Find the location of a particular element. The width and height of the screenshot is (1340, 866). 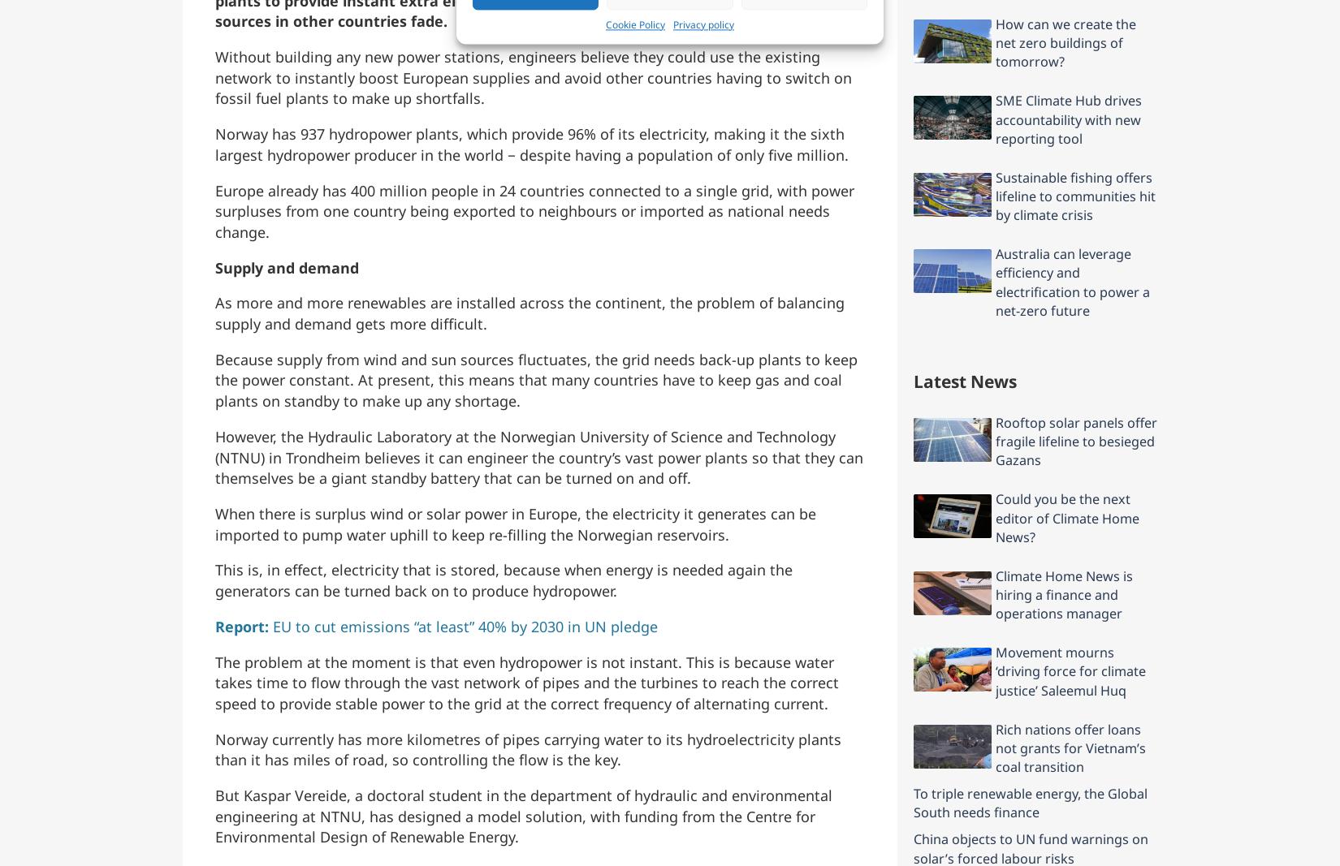

'Australia can leverage efficiency and electrification to power a net-zero future' is located at coordinates (1071, 282).